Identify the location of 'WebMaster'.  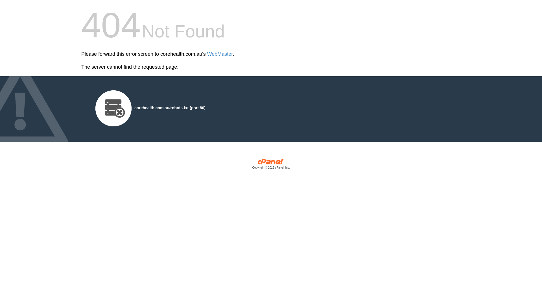
(207, 54).